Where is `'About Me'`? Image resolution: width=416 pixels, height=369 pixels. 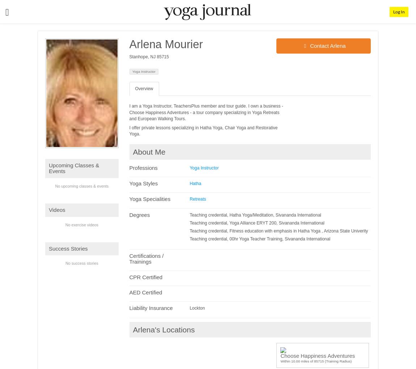
'About Me' is located at coordinates (149, 152).